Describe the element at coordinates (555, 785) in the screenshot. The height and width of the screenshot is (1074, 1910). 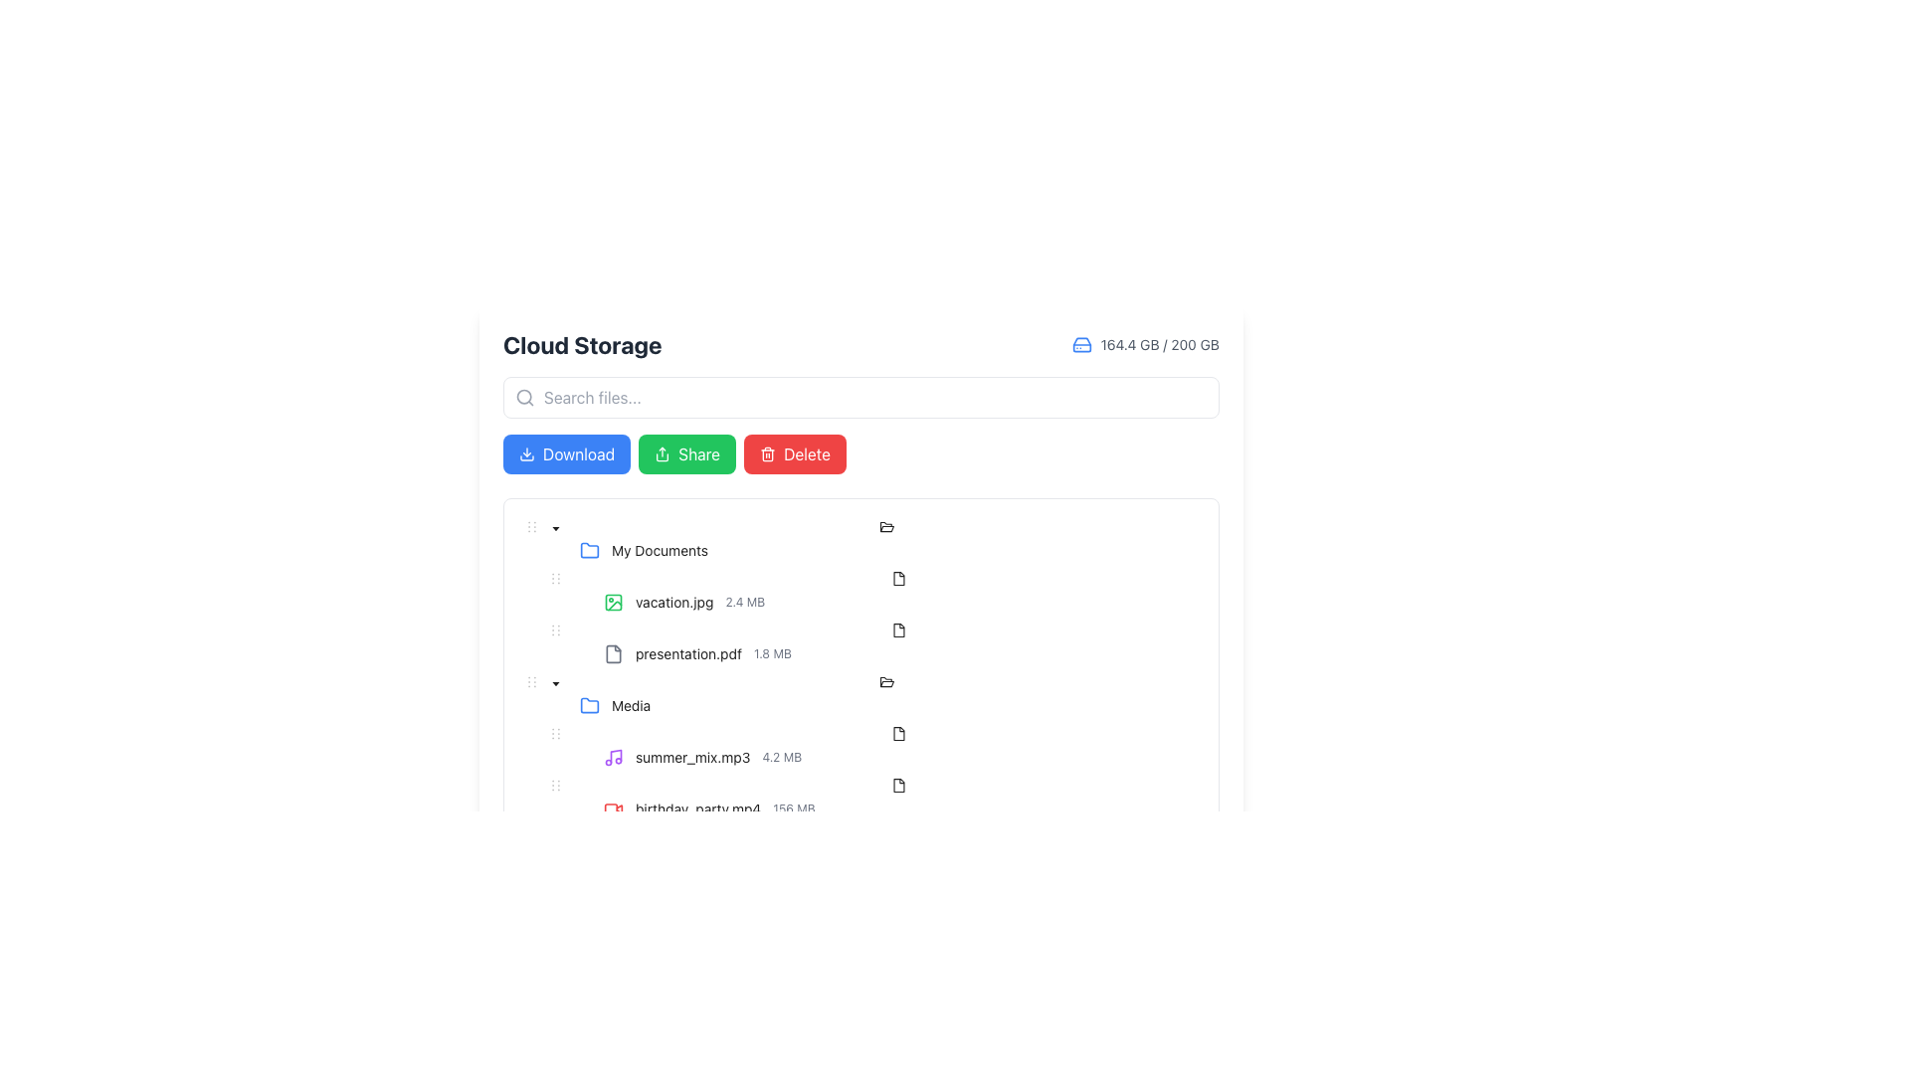
I see `the draggable handle icon located in the row labeled 'birthday_party.mp4156 MB'` at that location.